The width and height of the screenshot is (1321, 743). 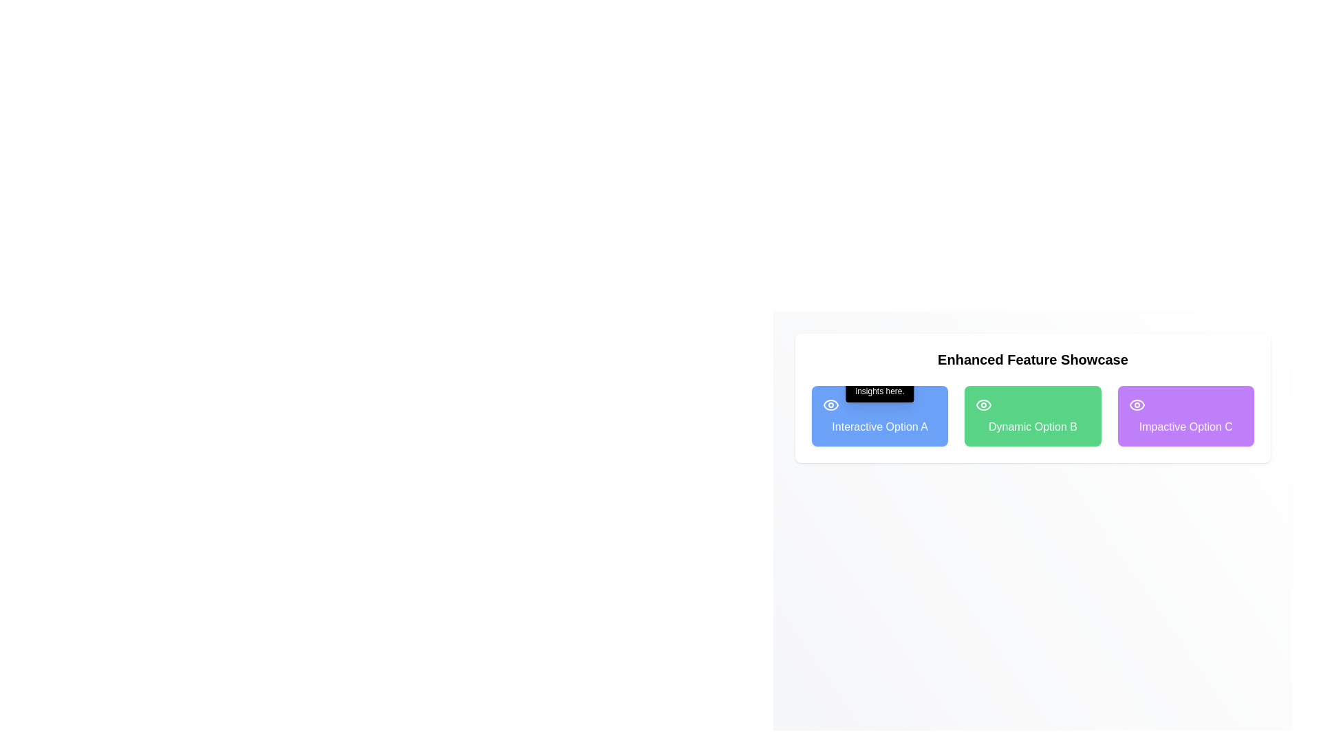 What do you see at coordinates (1185, 426) in the screenshot?
I see `the text label displaying 'Impactive Option C', which is styled with a bold white font on a purple background and is the third option in a row of buttons next to 'Dynamic Option B'` at bounding box center [1185, 426].